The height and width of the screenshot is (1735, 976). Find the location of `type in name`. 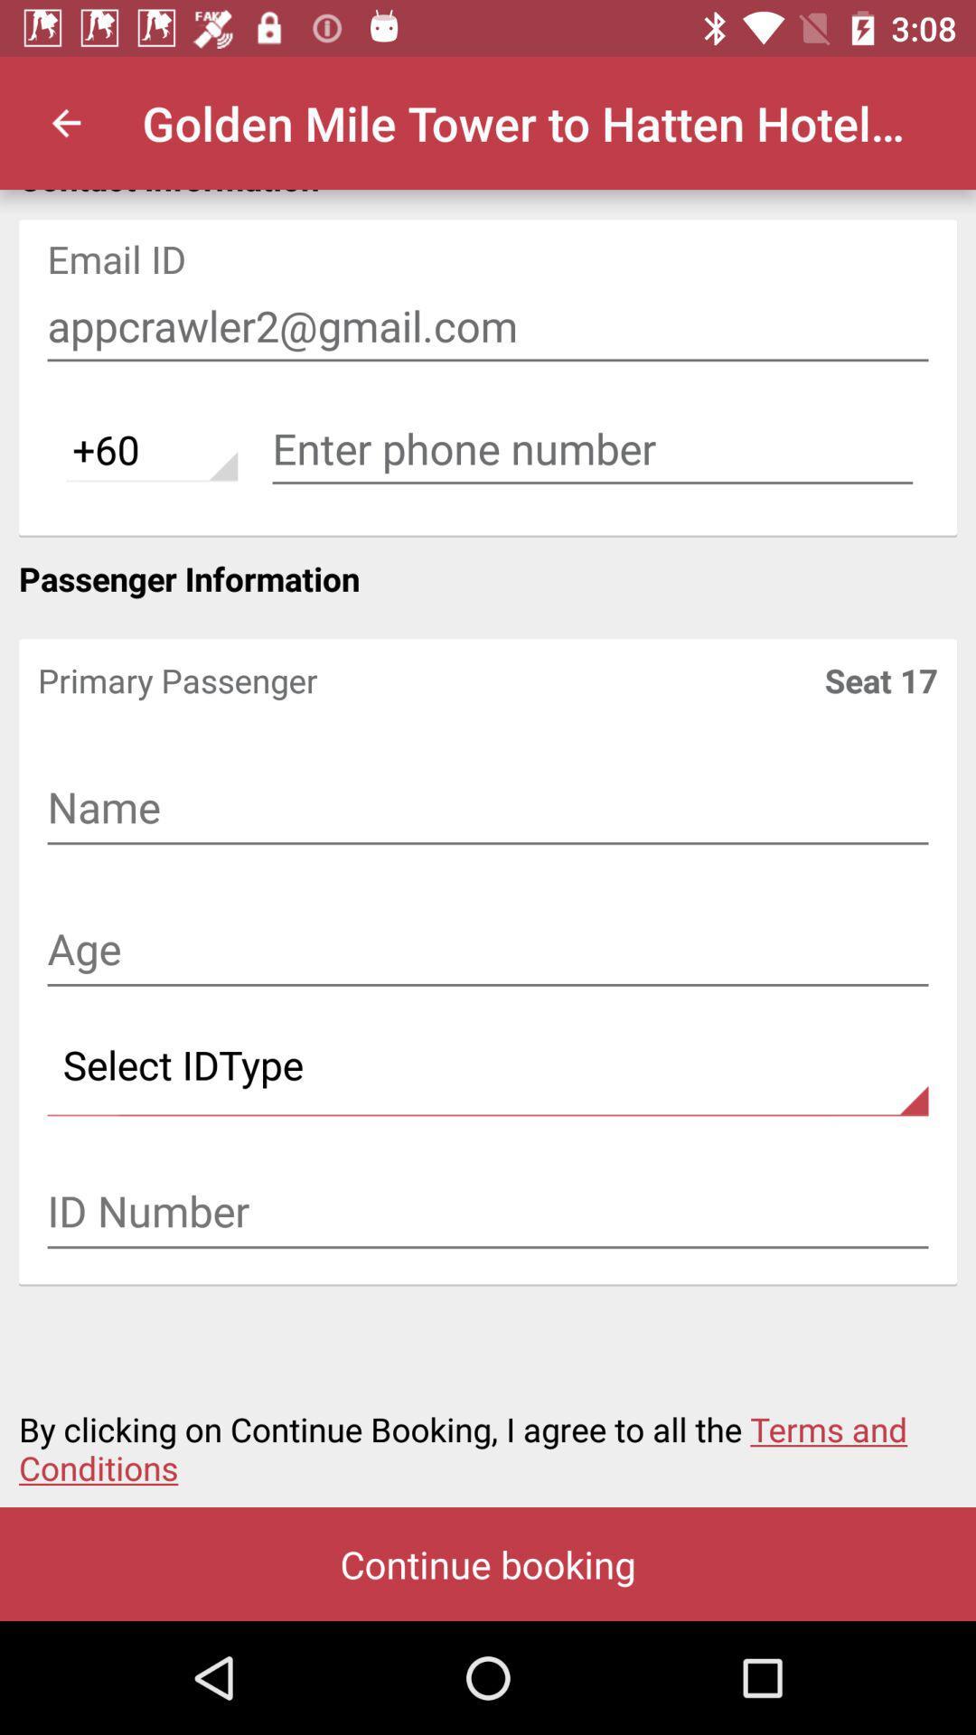

type in name is located at coordinates (488, 809).